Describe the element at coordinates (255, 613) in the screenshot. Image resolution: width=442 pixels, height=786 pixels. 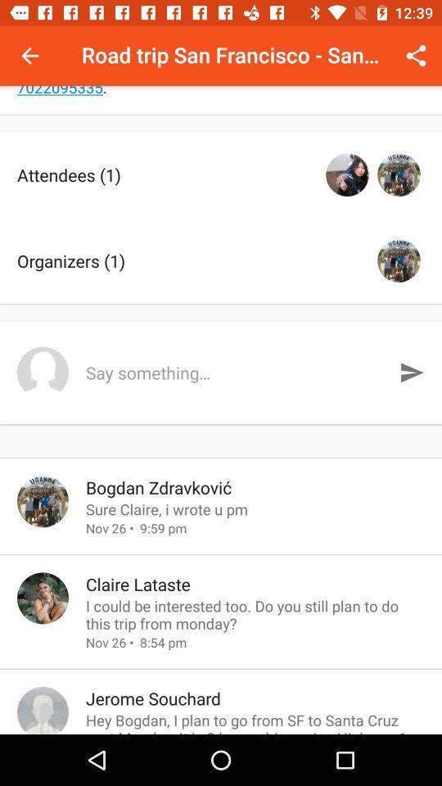
I see `icon above nov 26 8 icon` at that location.